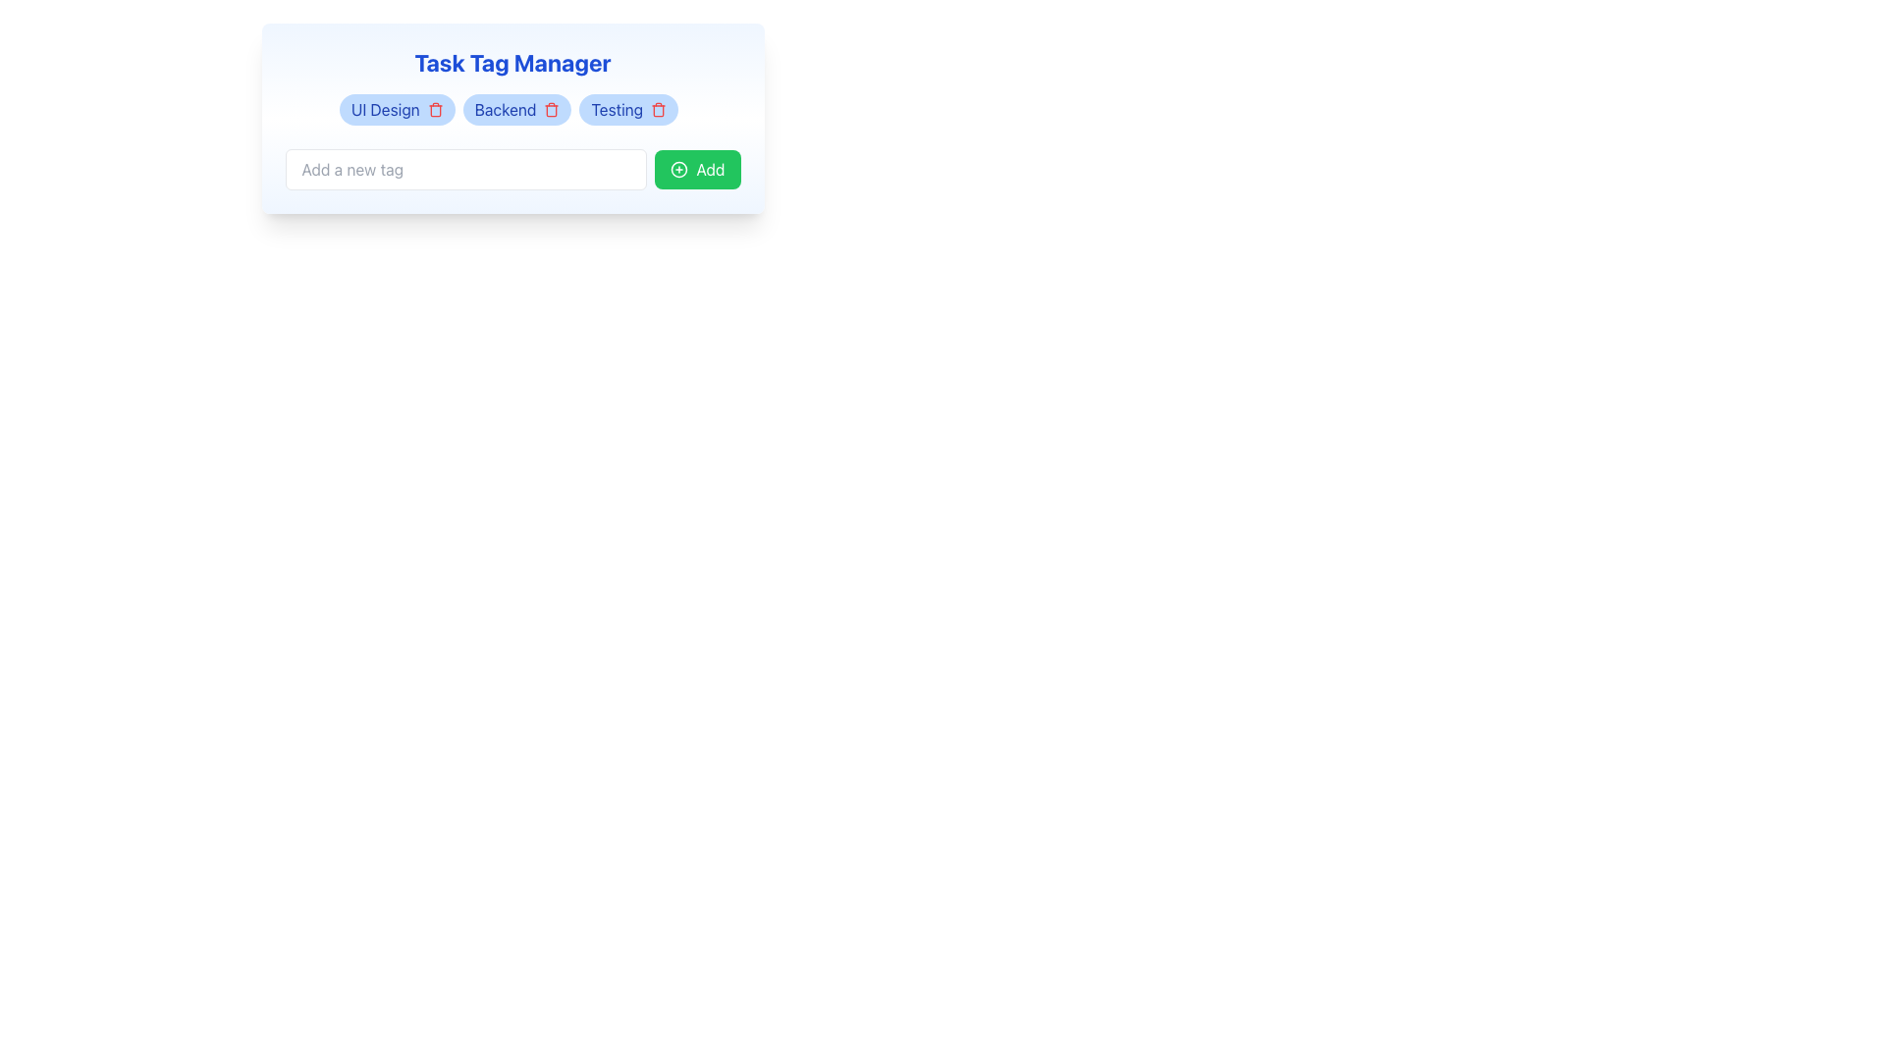  Describe the element at coordinates (512, 62) in the screenshot. I see `the static text element that displays 'Task Tag Manager' in bold blue font, positioned at the top of the card interface` at that location.